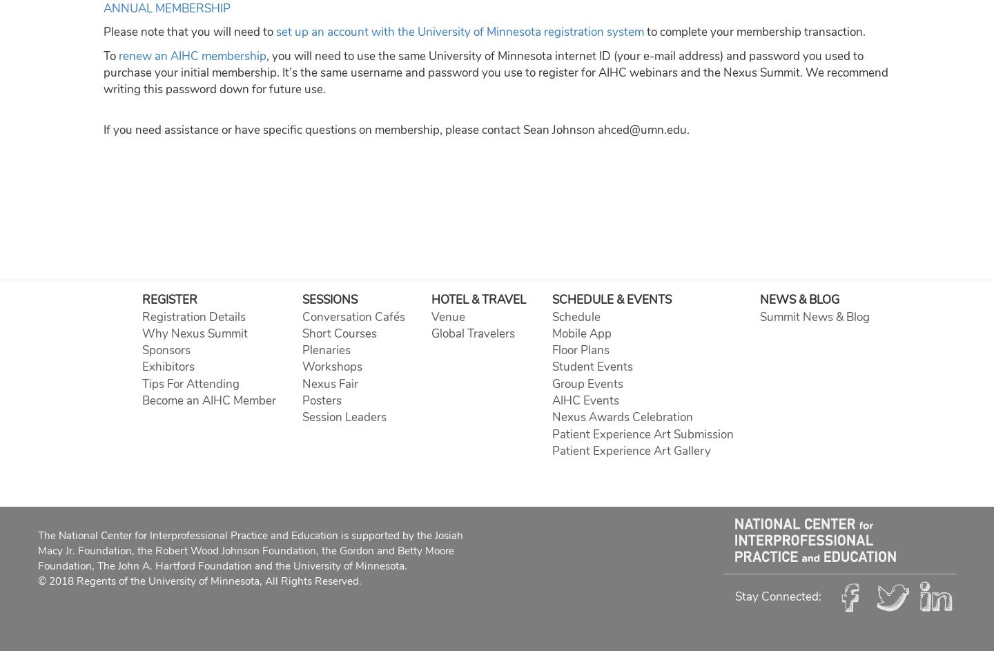 The height and width of the screenshot is (651, 994). Describe the element at coordinates (396, 128) in the screenshot. I see `'If you need assistance or have specific questions on membership, please contact Sean Johnson ahced@umn.edu.'` at that location.